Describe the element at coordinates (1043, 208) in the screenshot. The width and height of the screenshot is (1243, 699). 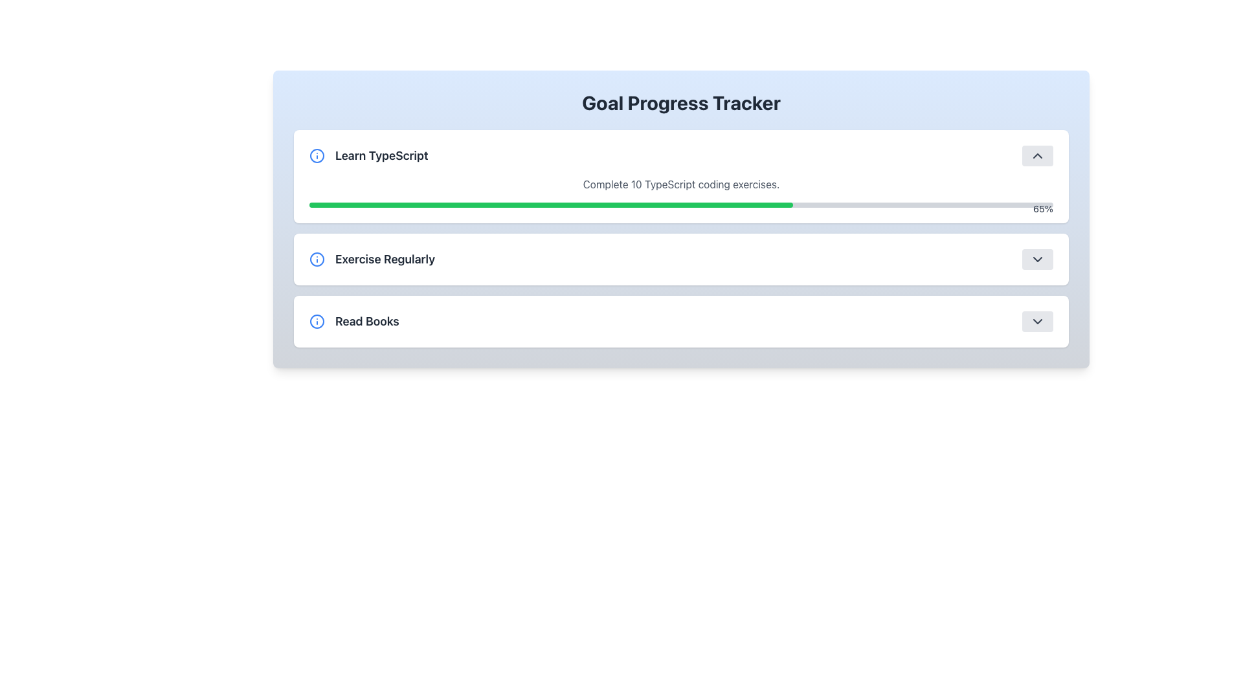
I see `the text label that indicates the numerical representation of the progress completed, located at the rightmost end of the progress bar` at that location.